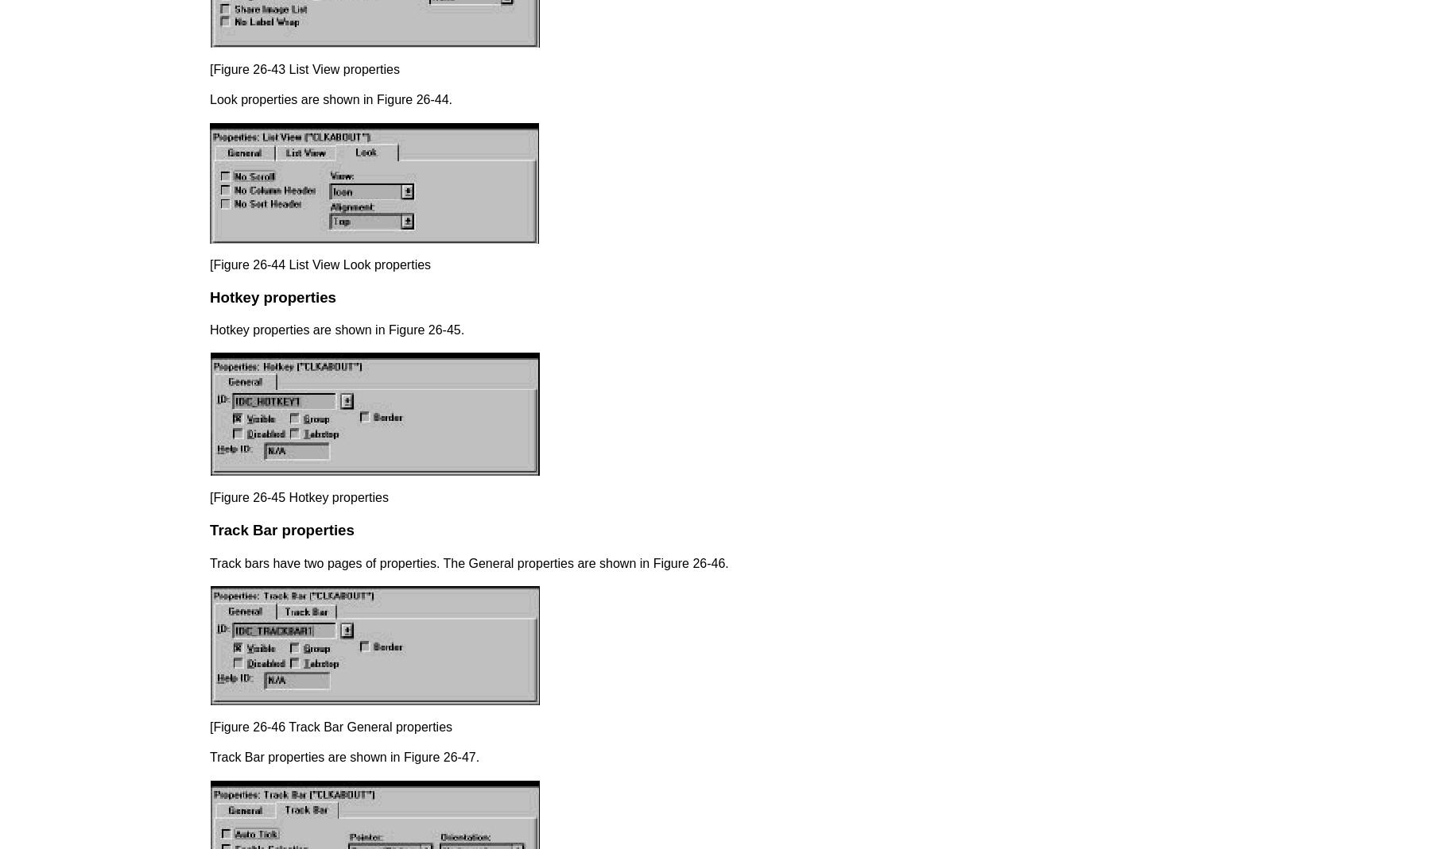 Image resolution: width=1431 pixels, height=849 pixels. What do you see at coordinates (209, 68) in the screenshot?
I see `'[Figure 26-43 List View properties'` at bounding box center [209, 68].